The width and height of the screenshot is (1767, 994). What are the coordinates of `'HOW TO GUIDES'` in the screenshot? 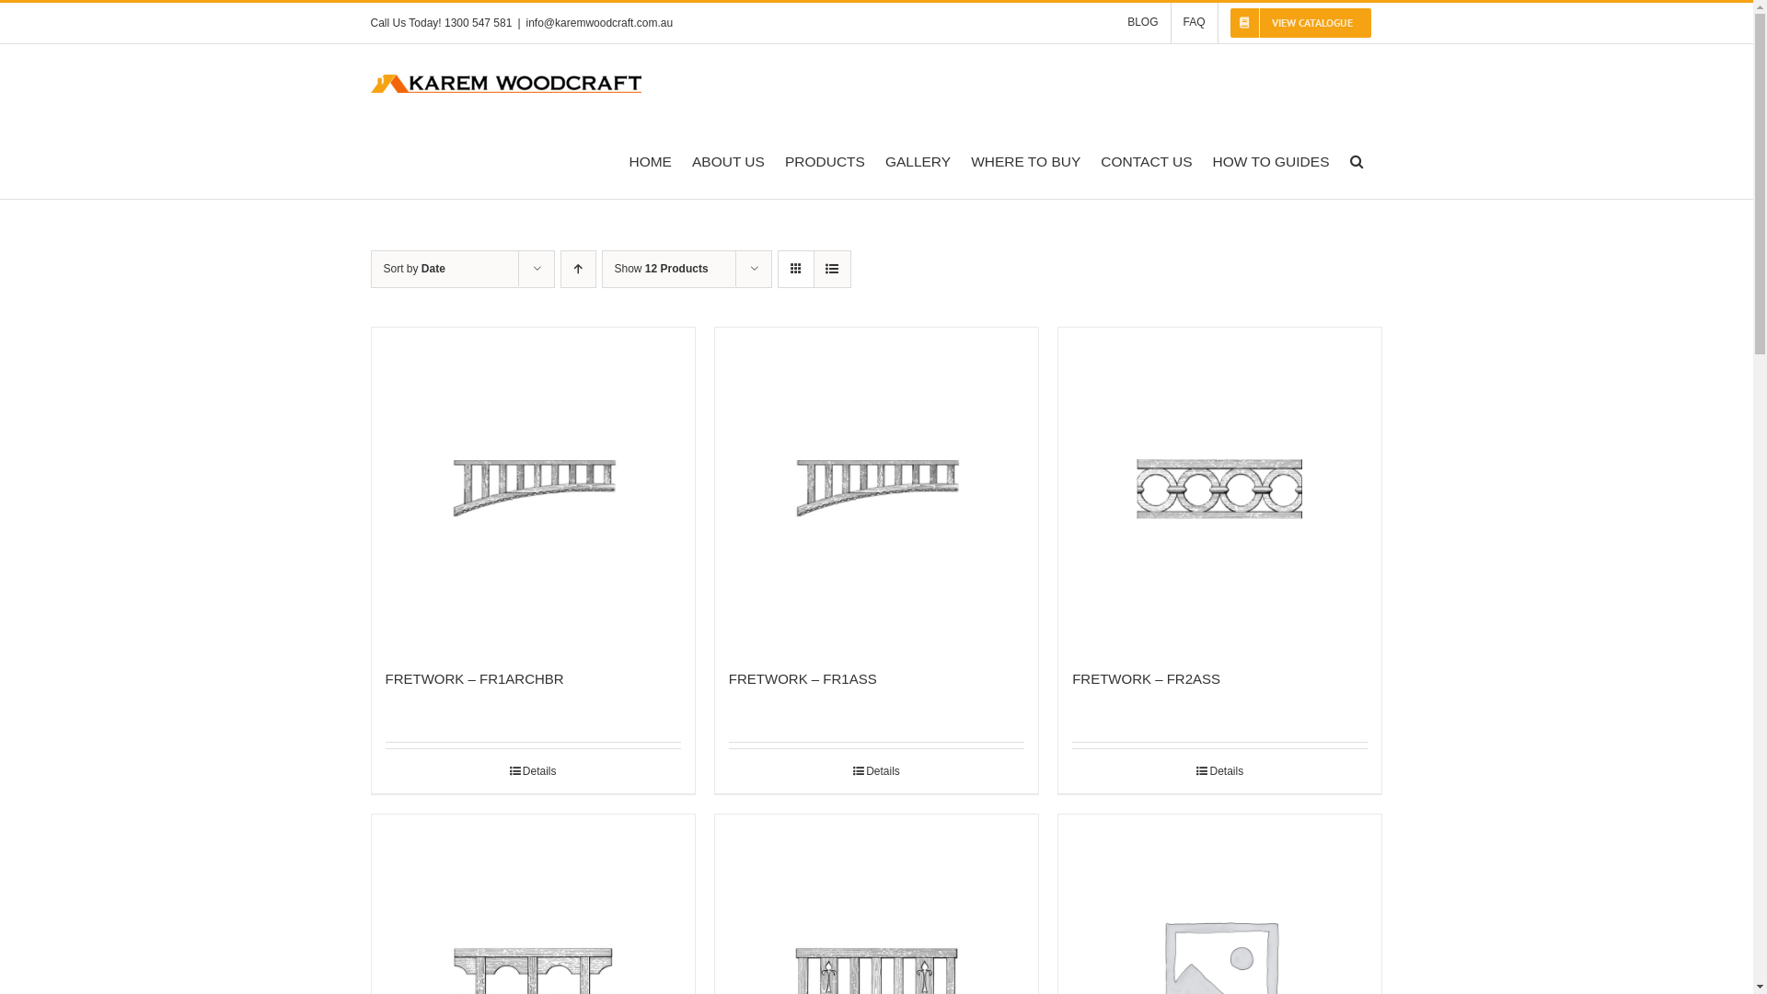 It's located at (1270, 158).